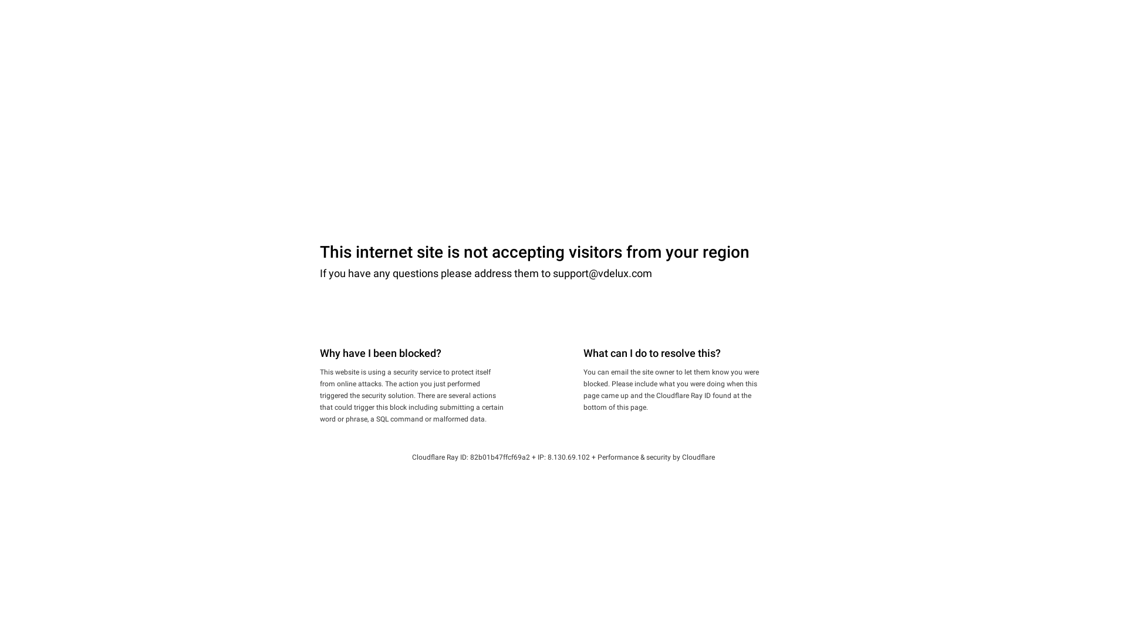 The height and width of the screenshot is (634, 1127). Describe the element at coordinates (699, 457) in the screenshot. I see `'Cloudflare'` at that location.